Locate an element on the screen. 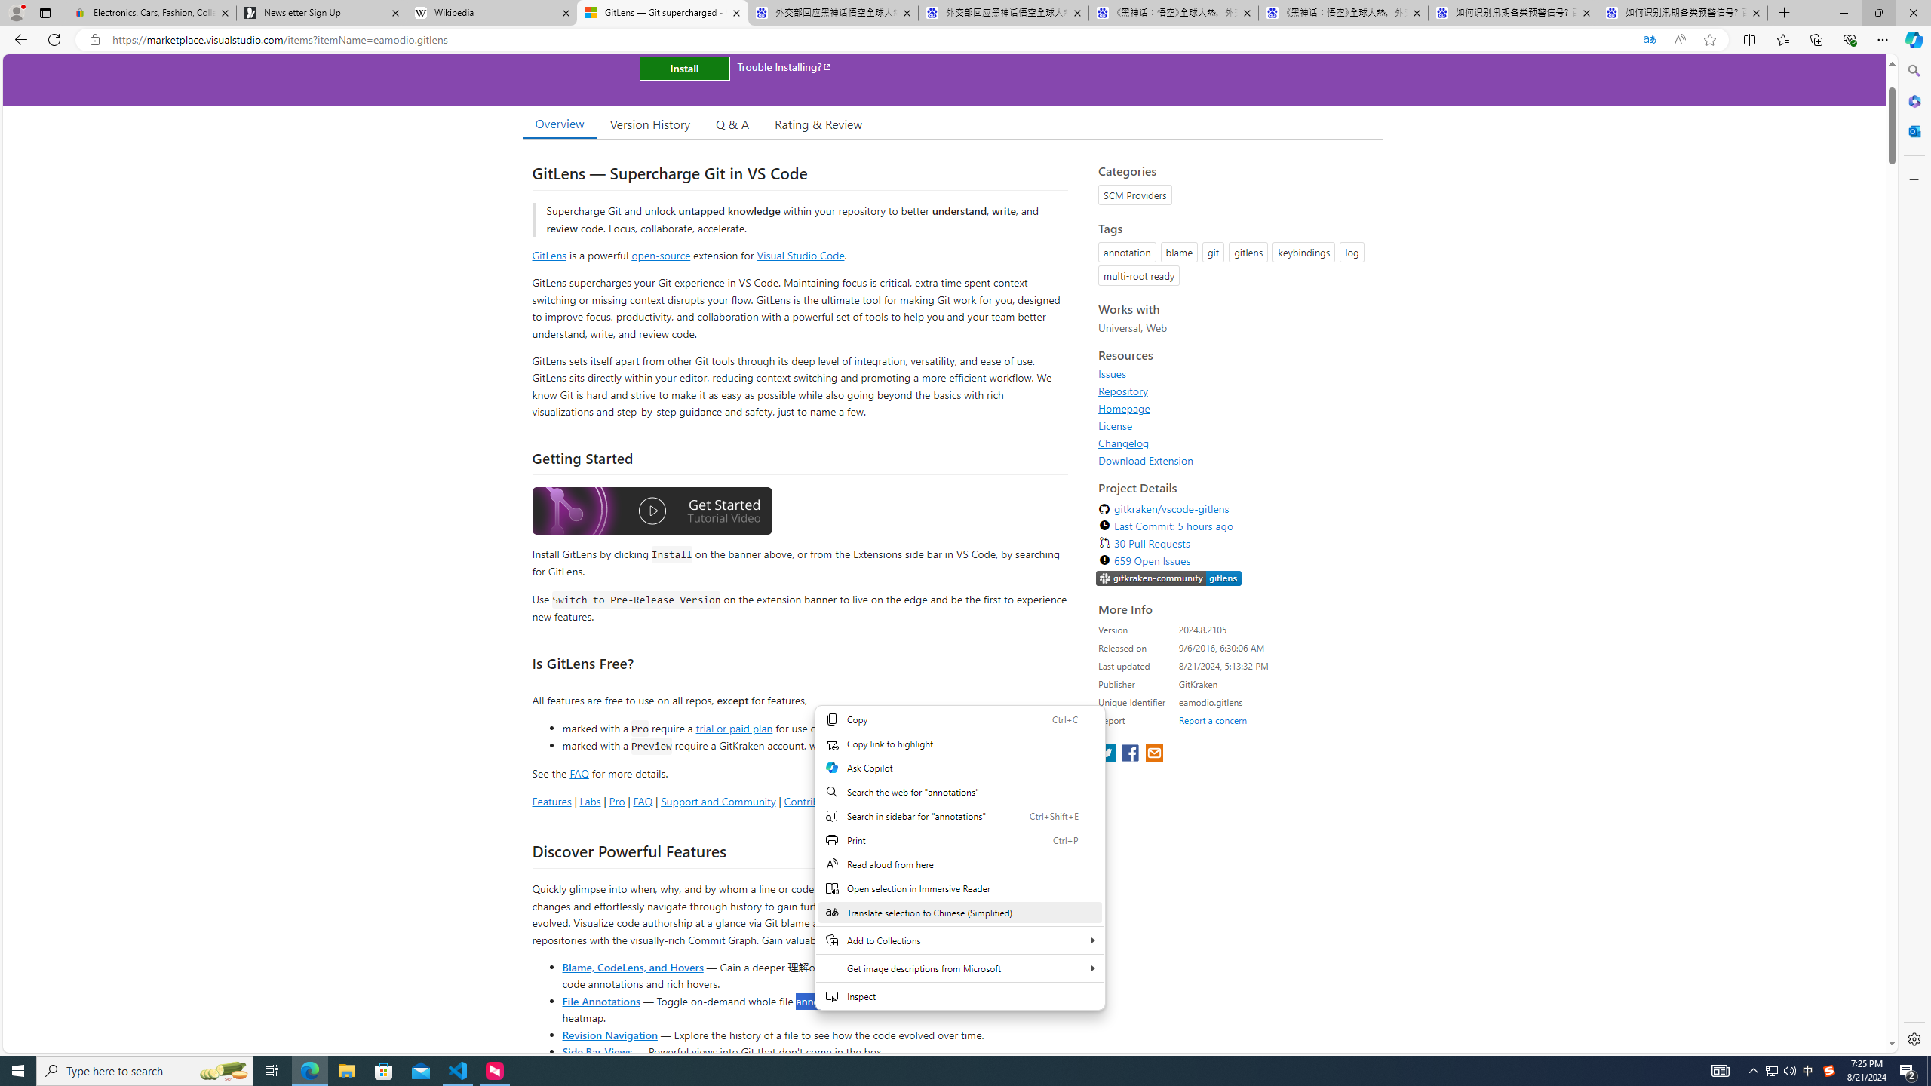 This screenshot has width=1931, height=1086. 'Features' is located at coordinates (550, 800).